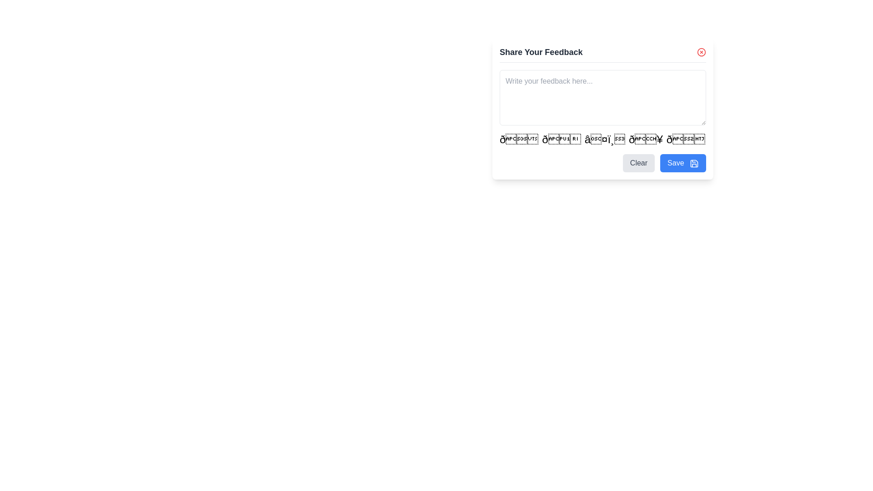 The width and height of the screenshot is (873, 491). What do you see at coordinates (693, 162) in the screenshot?
I see `the outer square outline of the save icon, which is part of a decorative vector graphic component in the feedback submission interface` at bounding box center [693, 162].